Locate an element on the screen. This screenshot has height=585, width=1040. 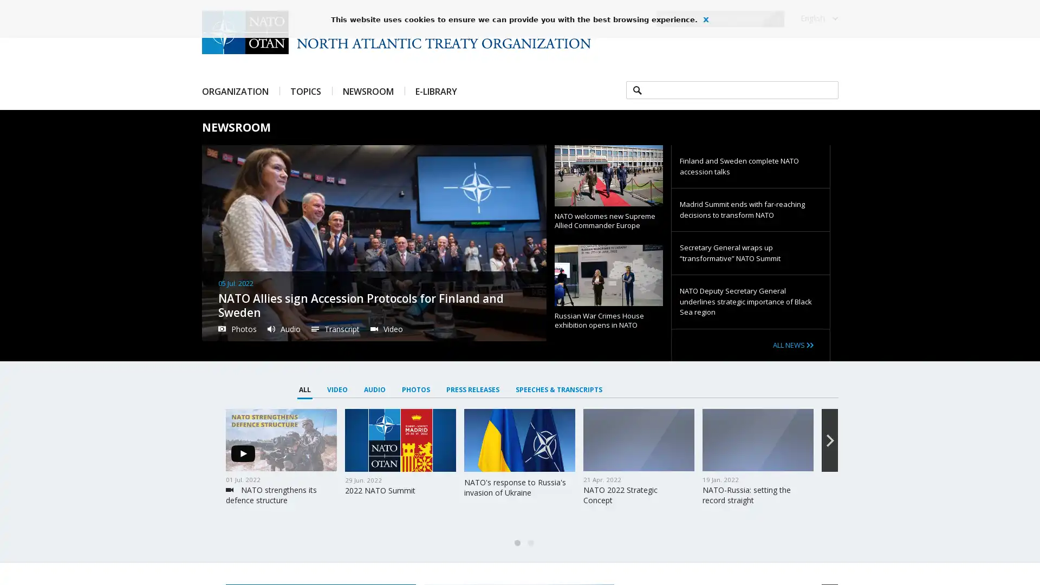
Next is located at coordinates (829, 440).